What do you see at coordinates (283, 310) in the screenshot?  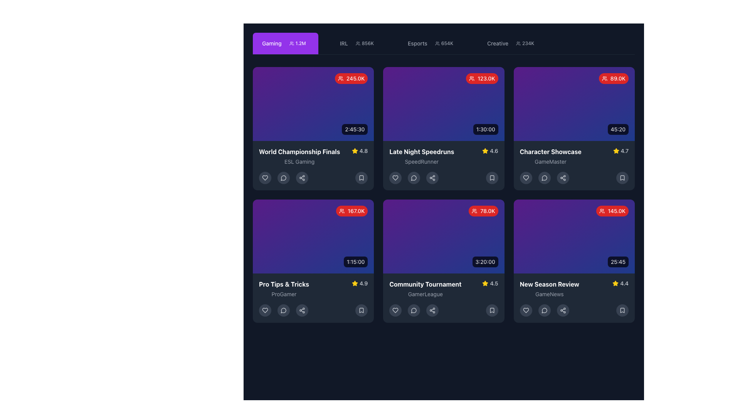 I see `the circular button with a gray background and a comment bubble icon located in the bottom row of the 'Pro Tips & Tricks' card, which is the second button from the left` at bounding box center [283, 310].